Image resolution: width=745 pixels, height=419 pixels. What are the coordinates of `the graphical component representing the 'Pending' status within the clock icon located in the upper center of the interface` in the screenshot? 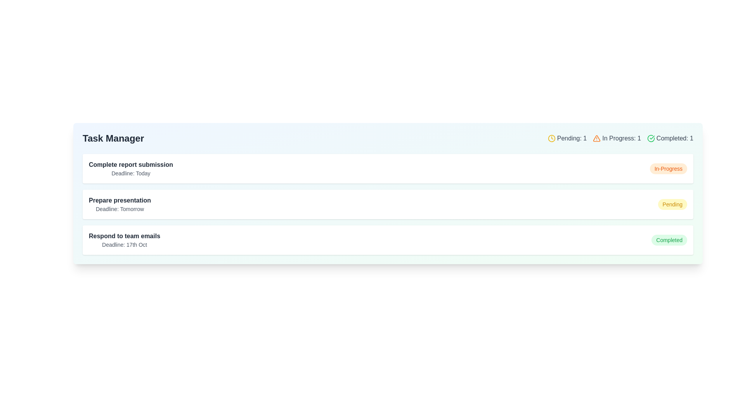 It's located at (551, 138).